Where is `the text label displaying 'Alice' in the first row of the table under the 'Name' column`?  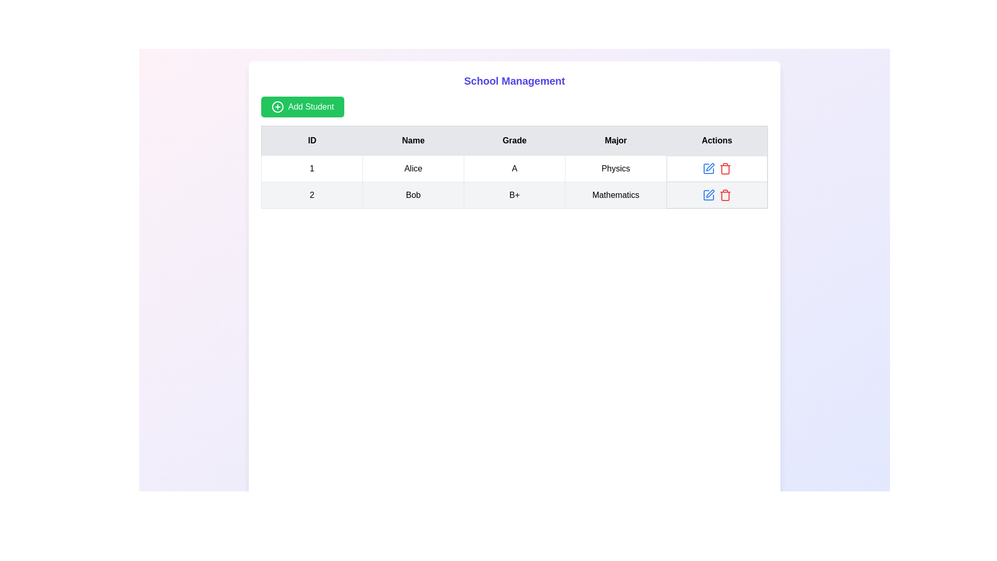 the text label displaying 'Alice' in the first row of the table under the 'Name' column is located at coordinates (413, 168).